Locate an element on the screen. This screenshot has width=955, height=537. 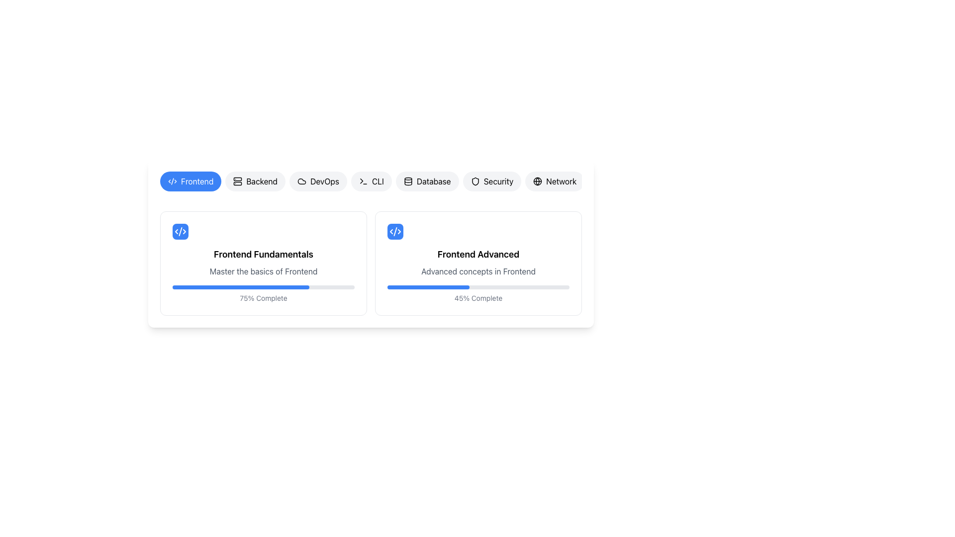
the progress bar that is horizontally centered within the 'Frontend Fundamentals' card, which visually represents a completion status with a light gray background and a filled blue segment is located at coordinates (263, 287).